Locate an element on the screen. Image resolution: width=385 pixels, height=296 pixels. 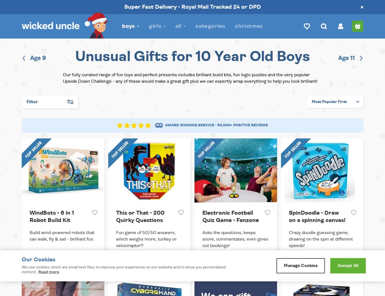
'£12.99' is located at coordinates (122, 263).